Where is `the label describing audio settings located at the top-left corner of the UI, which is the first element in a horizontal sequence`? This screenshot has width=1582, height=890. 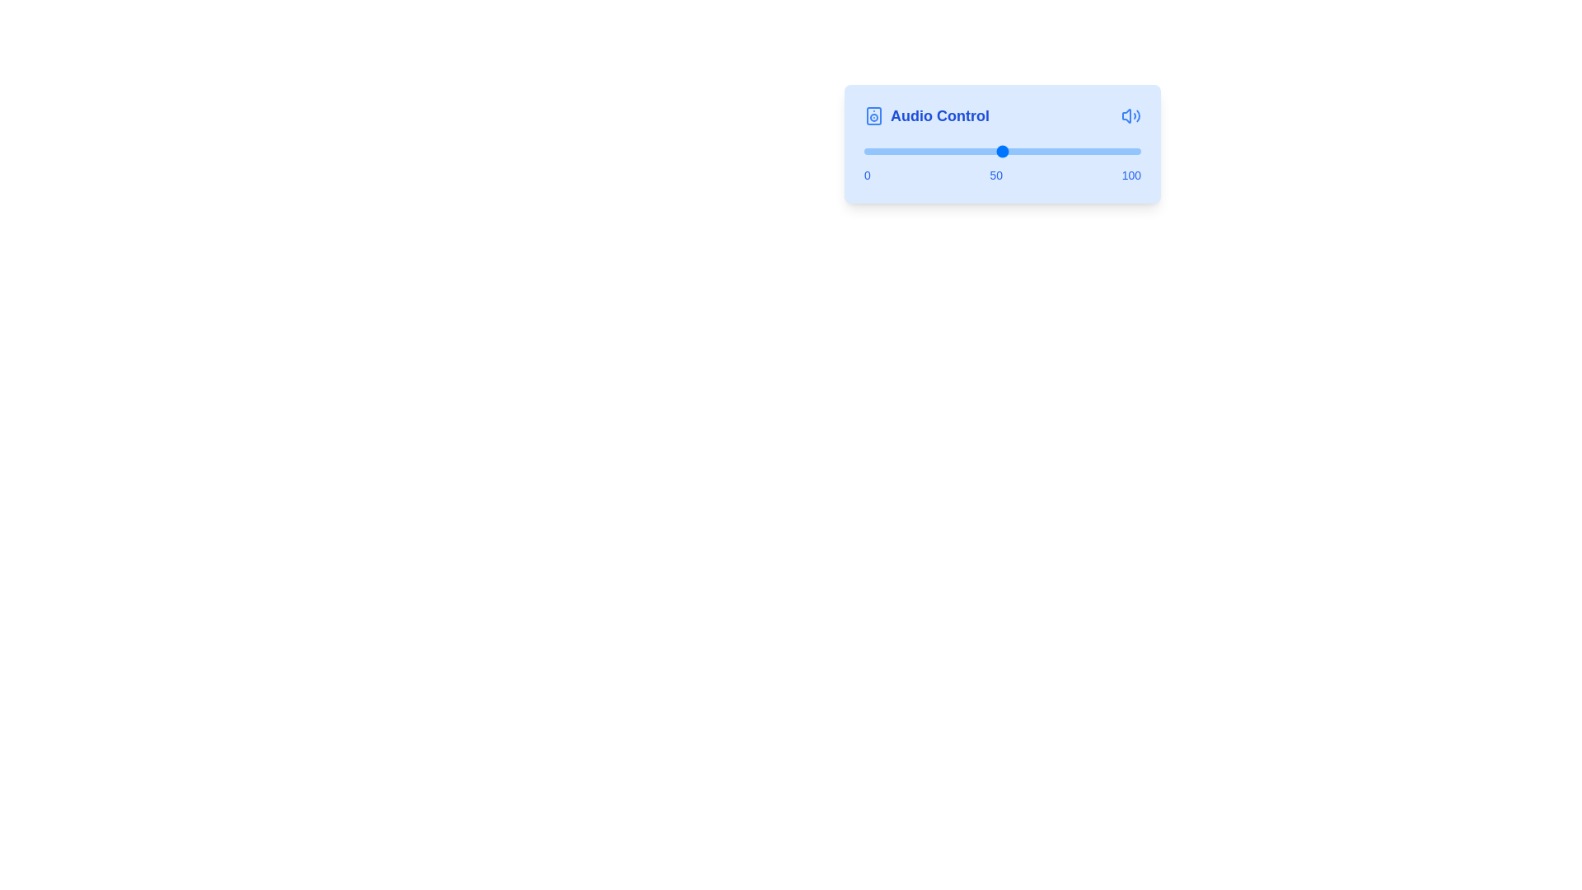 the label describing audio settings located at the top-left corner of the UI, which is the first element in a horizontal sequence is located at coordinates (926, 115).